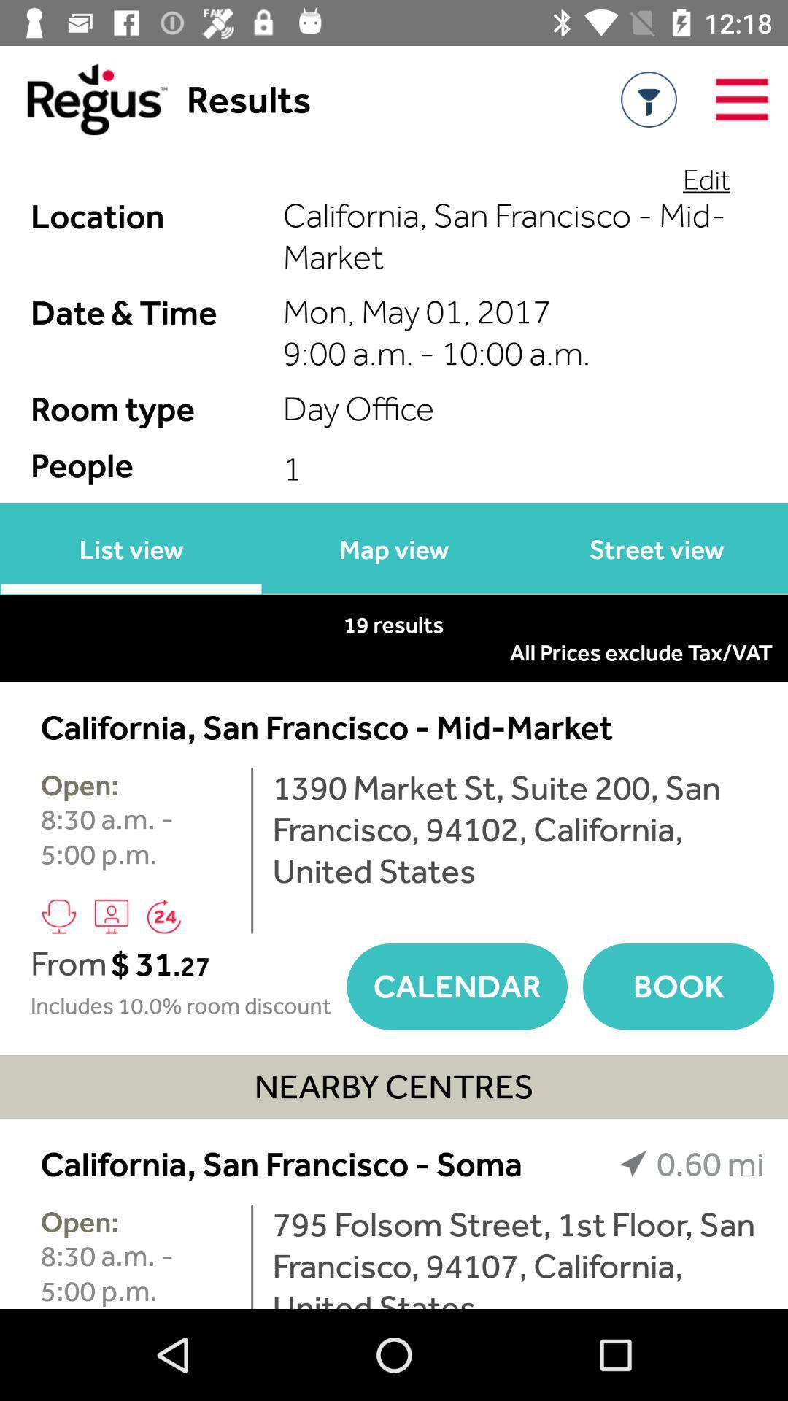  I want to click on the from, so click(69, 963).